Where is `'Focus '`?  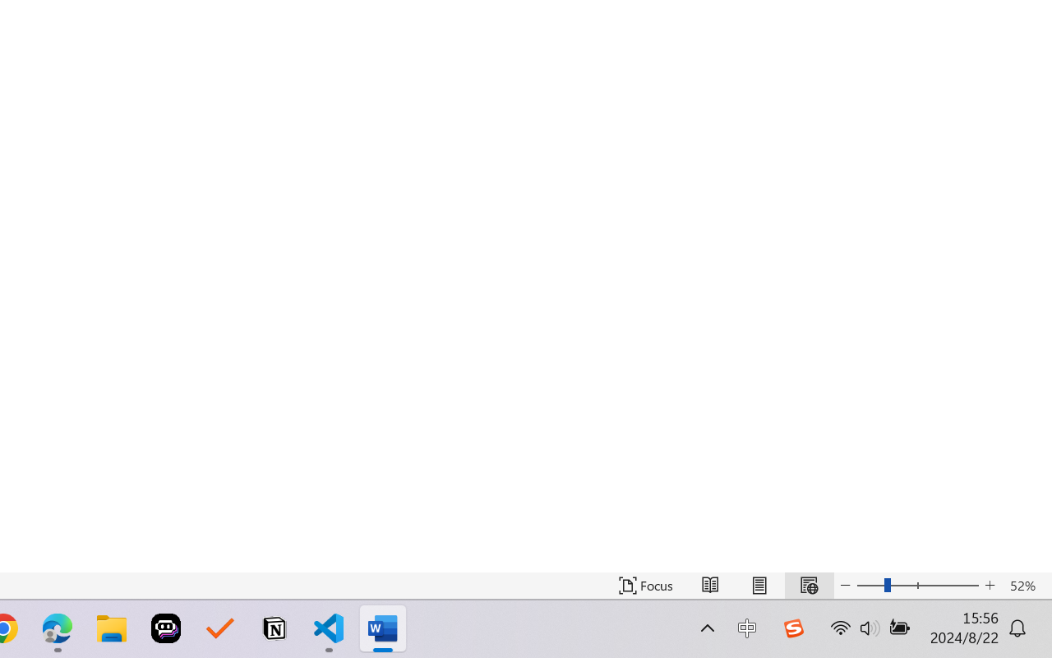
'Focus ' is located at coordinates (645, 585).